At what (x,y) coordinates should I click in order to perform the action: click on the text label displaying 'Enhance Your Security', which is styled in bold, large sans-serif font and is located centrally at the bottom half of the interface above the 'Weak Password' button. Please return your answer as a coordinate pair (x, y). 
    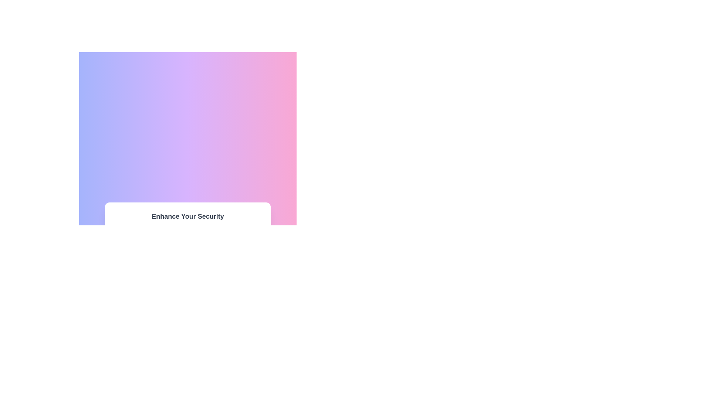
    Looking at the image, I should click on (188, 216).